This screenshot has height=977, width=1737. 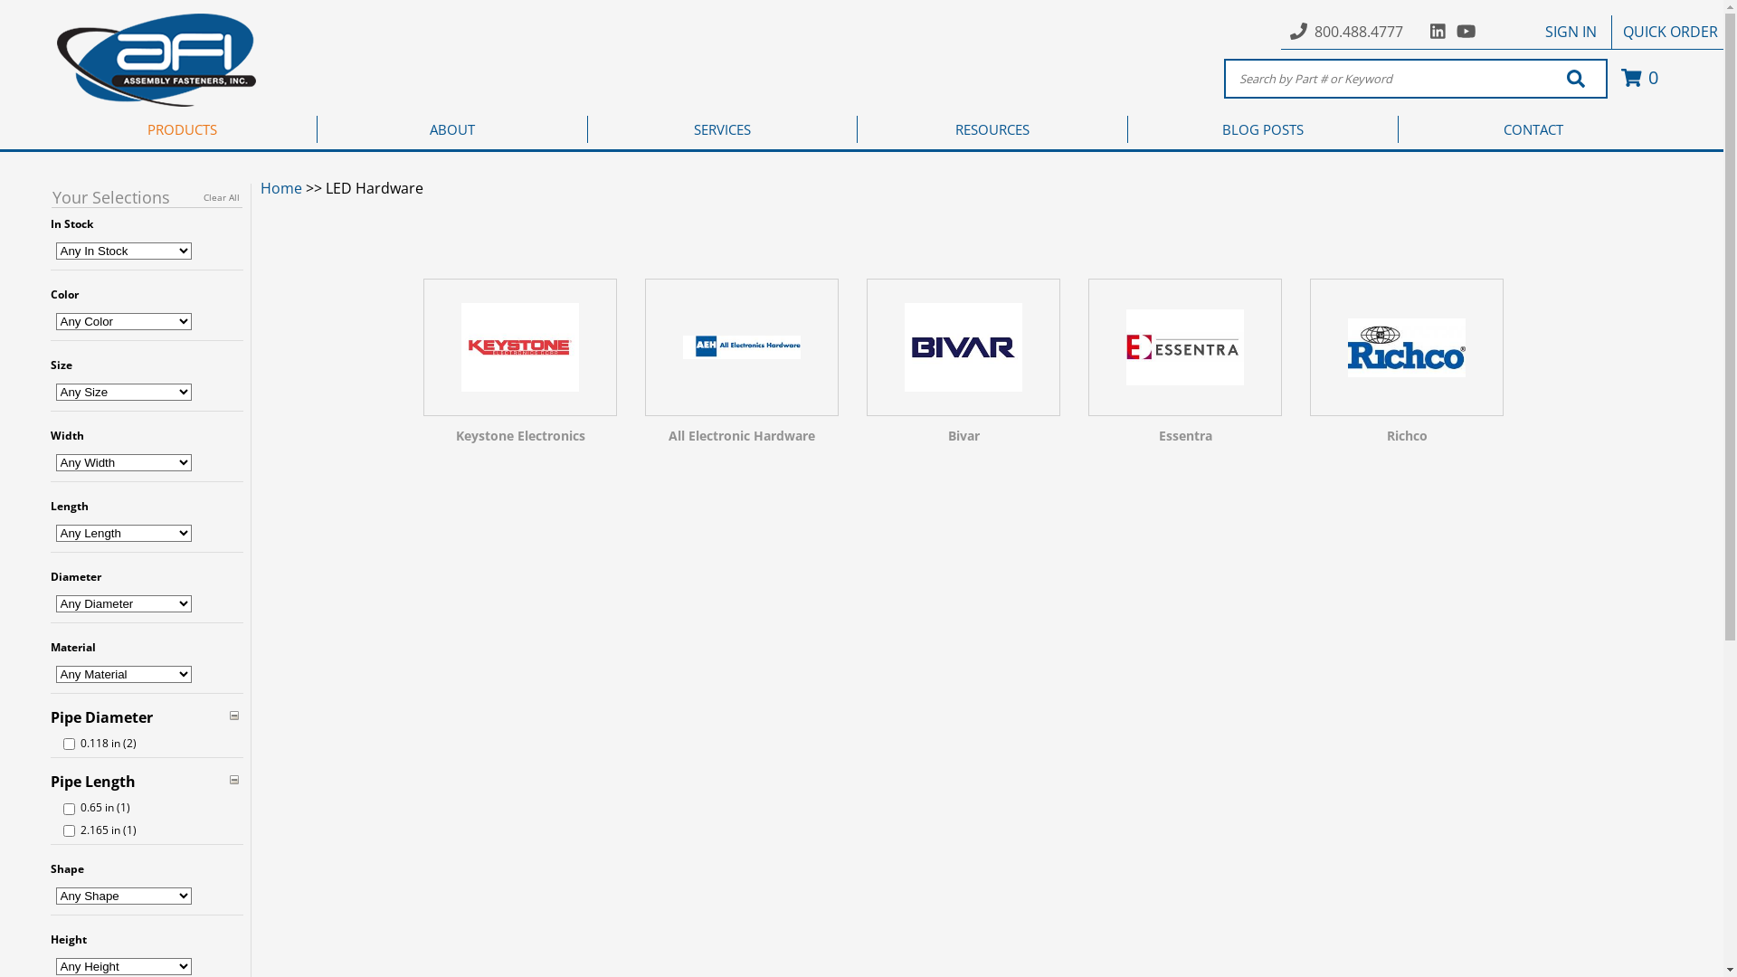 What do you see at coordinates (220, 197) in the screenshot?
I see `'Clear All'` at bounding box center [220, 197].